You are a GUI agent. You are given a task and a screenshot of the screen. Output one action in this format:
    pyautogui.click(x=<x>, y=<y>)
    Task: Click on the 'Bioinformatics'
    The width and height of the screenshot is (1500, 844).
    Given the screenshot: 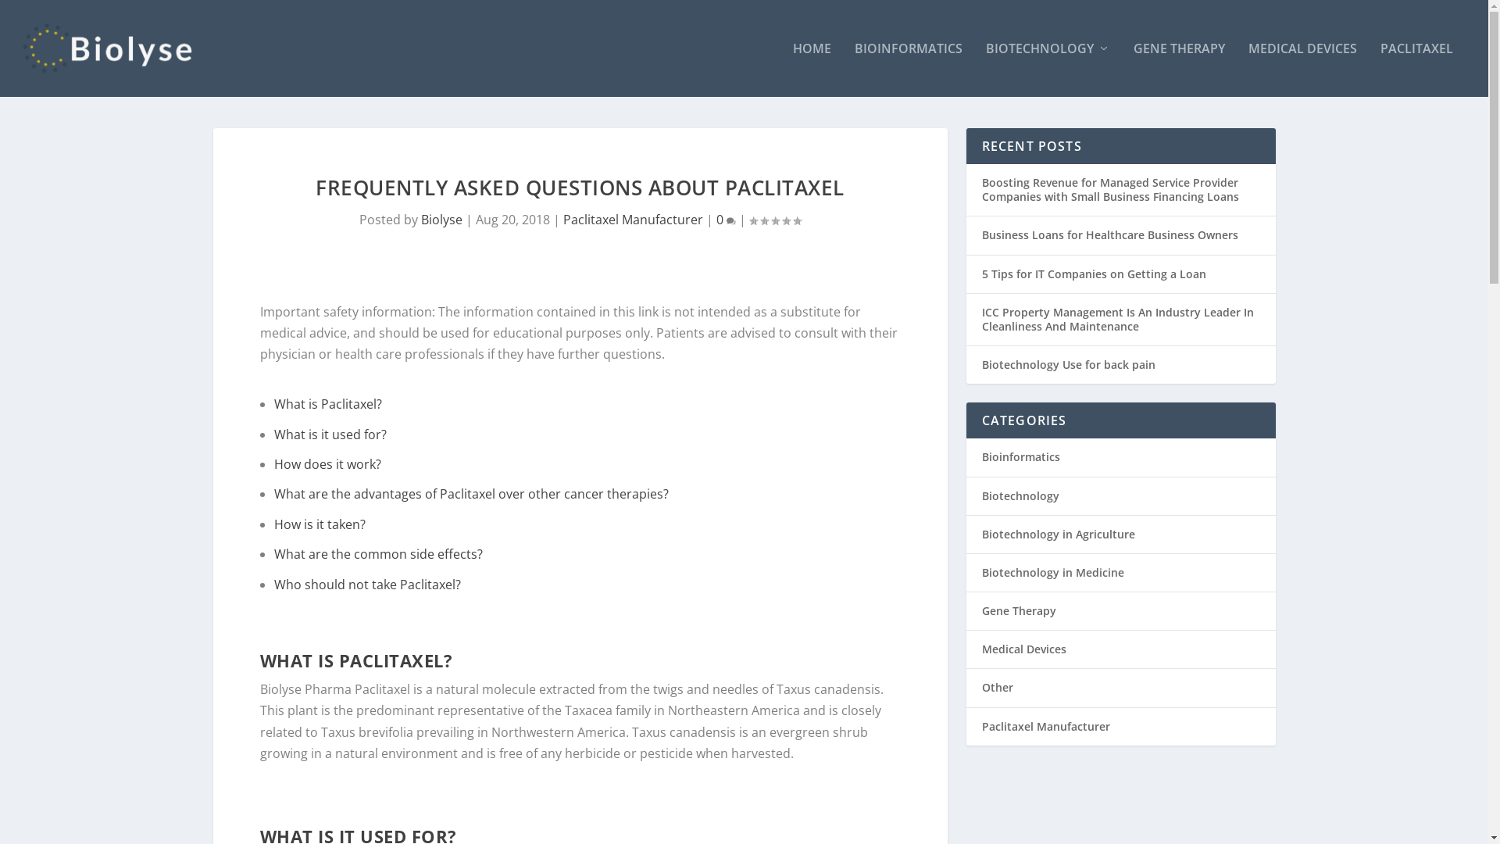 What is the action you would take?
    pyautogui.click(x=1020, y=456)
    